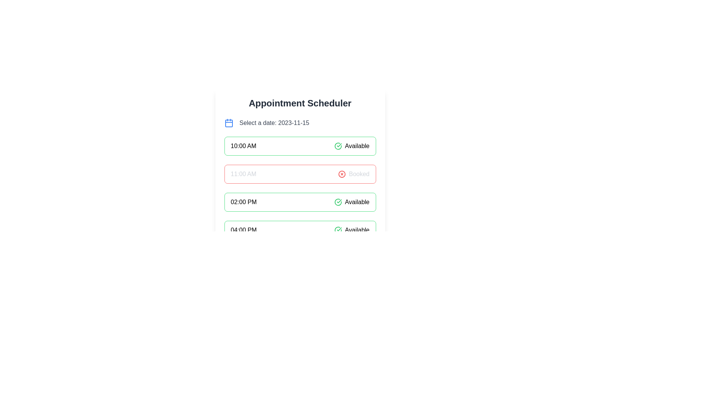 The width and height of the screenshot is (728, 409). I want to click on the availability status indicator text located to the right of the green checkmark icon in the fourth time slot item representing '04:00 PM', so click(357, 230).